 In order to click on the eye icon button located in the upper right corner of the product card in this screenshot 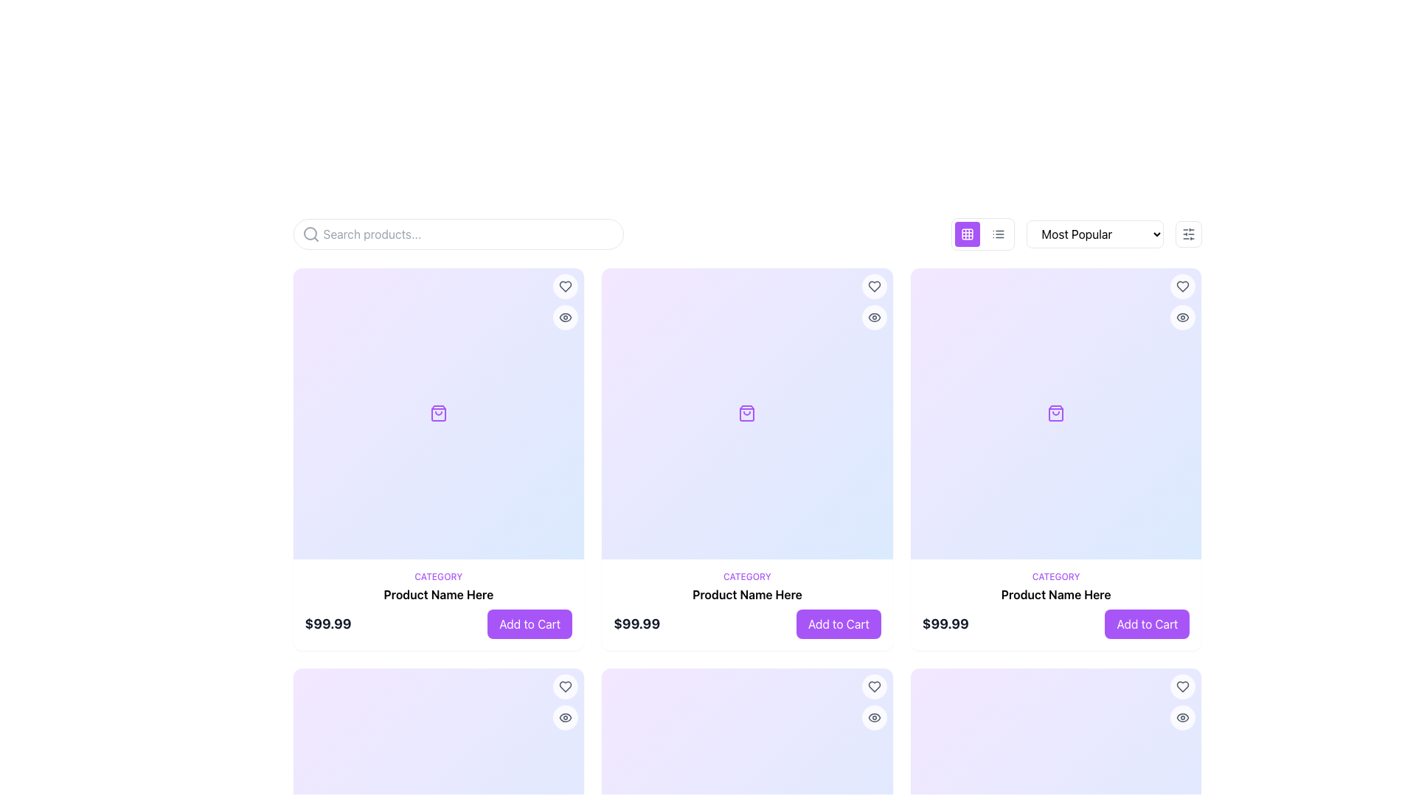, I will do `click(565, 317)`.